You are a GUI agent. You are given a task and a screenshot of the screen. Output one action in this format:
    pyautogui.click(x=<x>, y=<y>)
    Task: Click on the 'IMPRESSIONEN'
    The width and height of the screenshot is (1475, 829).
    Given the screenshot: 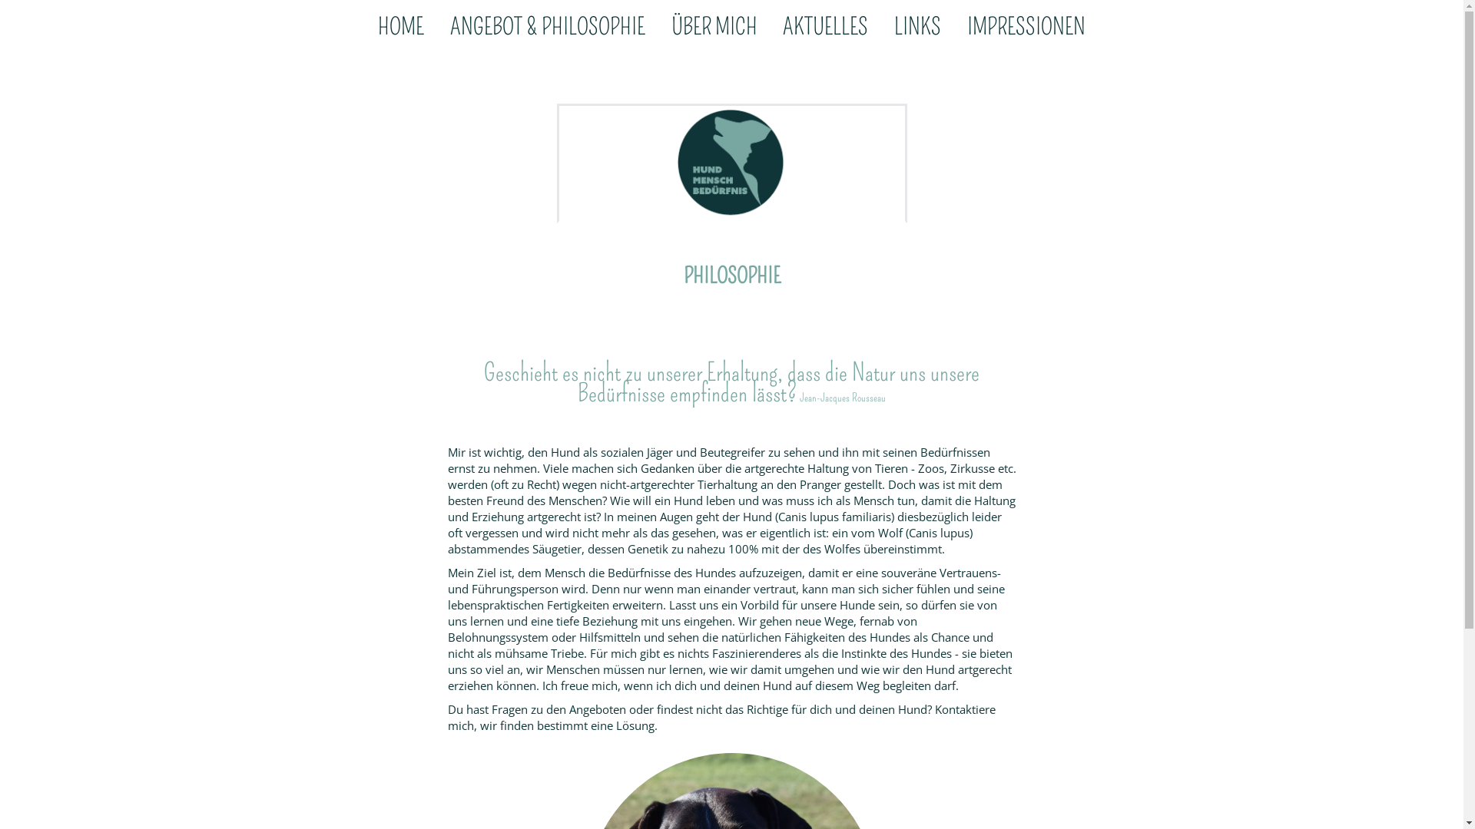 What is the action you would take?
    pyautogui.click(x=1026, y=28)
    